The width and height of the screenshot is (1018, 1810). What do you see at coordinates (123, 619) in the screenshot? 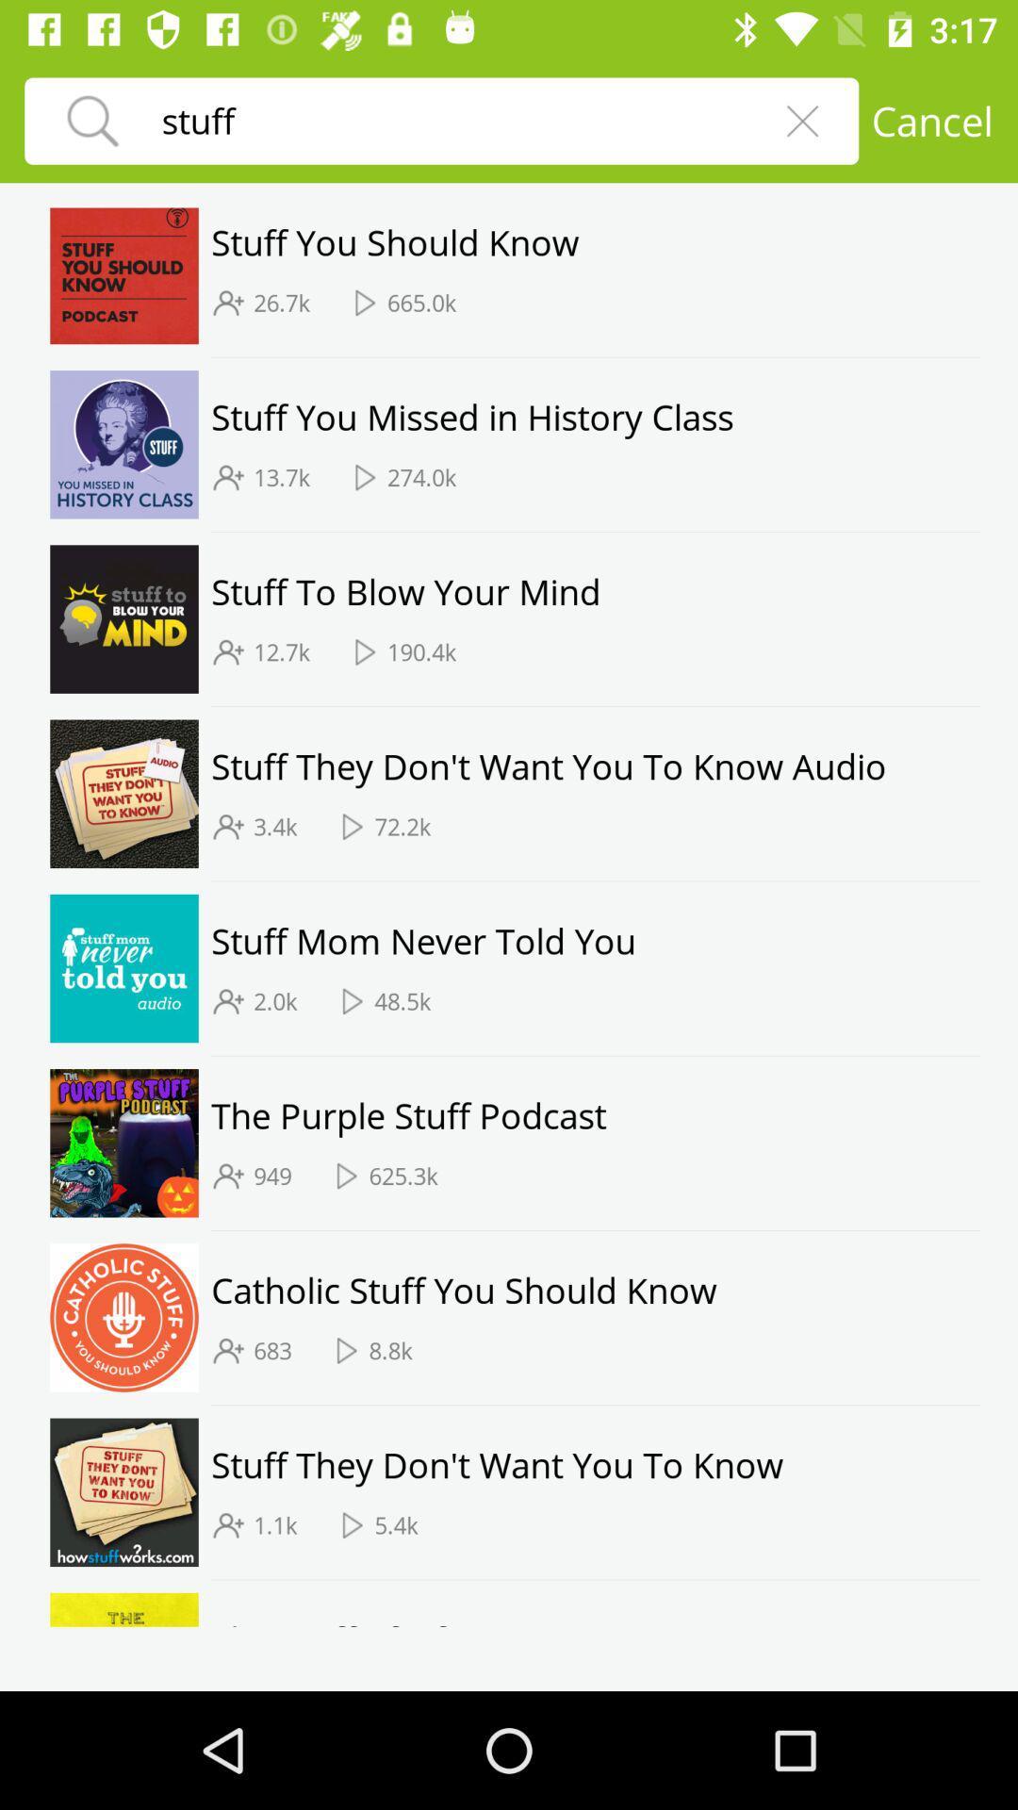
I see `the image which says stuff to blow your mind` at bounding box center [123, 619].